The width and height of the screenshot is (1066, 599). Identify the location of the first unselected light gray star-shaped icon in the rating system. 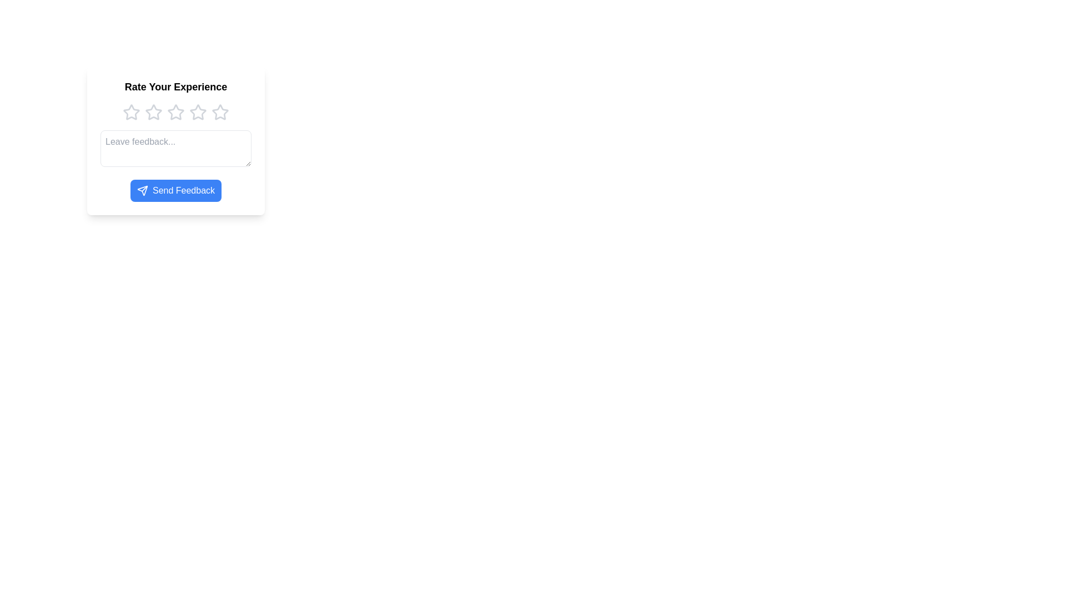
(131, 113).